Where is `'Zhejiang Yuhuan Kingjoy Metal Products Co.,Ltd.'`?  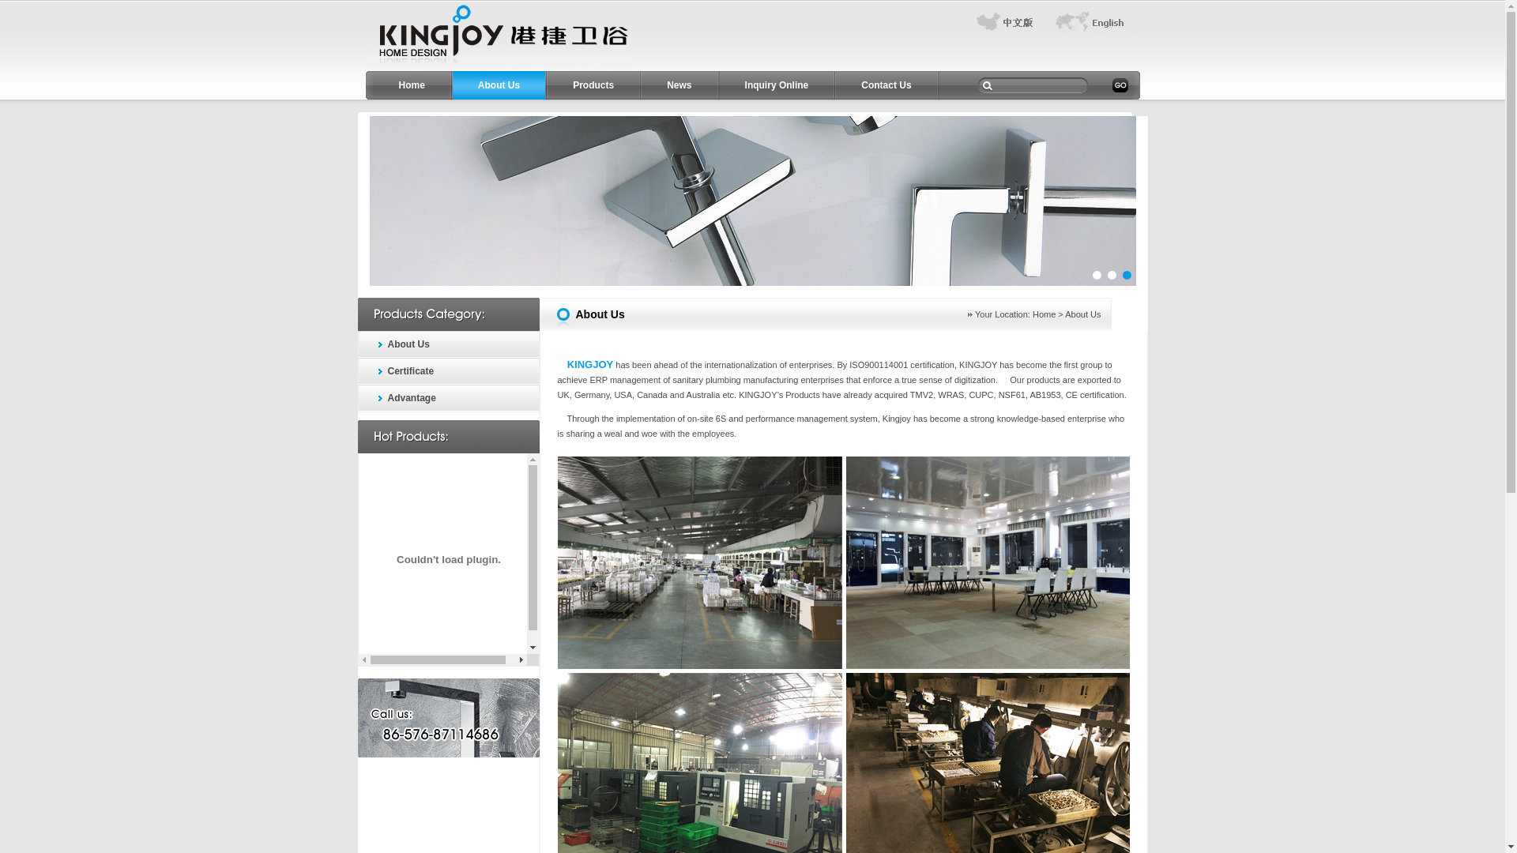 'Zhejiang Yuhuan Kingjoy Metal Products Co.,Ltd.' is located at coordinates (497, 66).